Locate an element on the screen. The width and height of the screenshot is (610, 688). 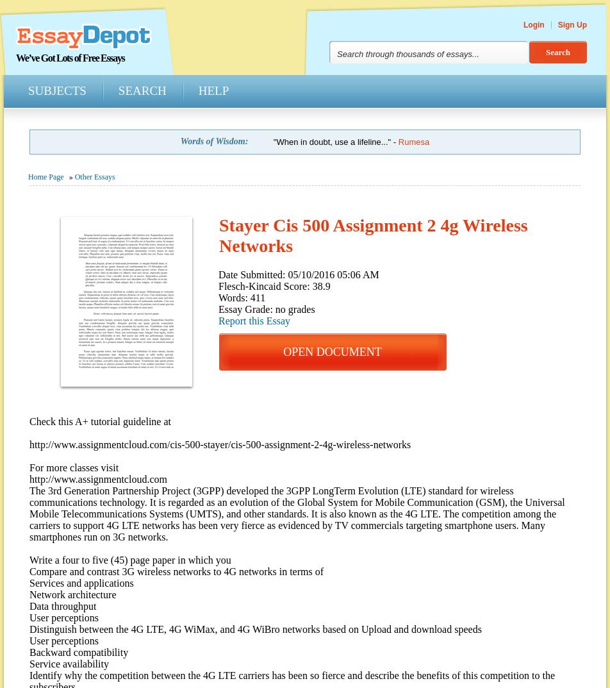
'Other Essays' is located at coordinates (94, 176).